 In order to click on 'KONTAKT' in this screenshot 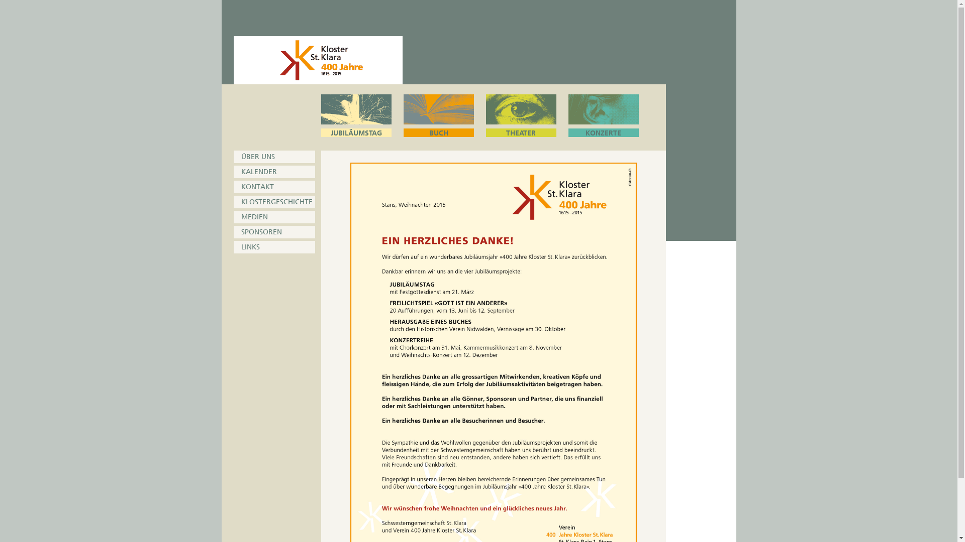, I will do `click(274, 187)`.